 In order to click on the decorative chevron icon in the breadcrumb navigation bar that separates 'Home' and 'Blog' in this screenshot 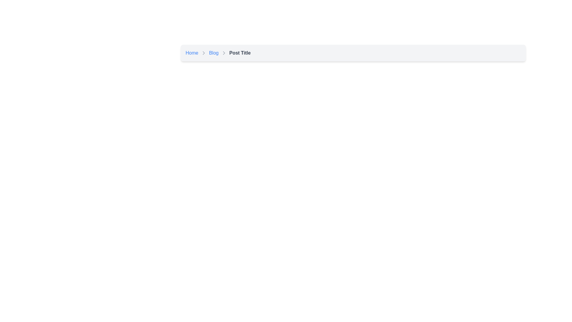, I will do `click(203, 52)`.